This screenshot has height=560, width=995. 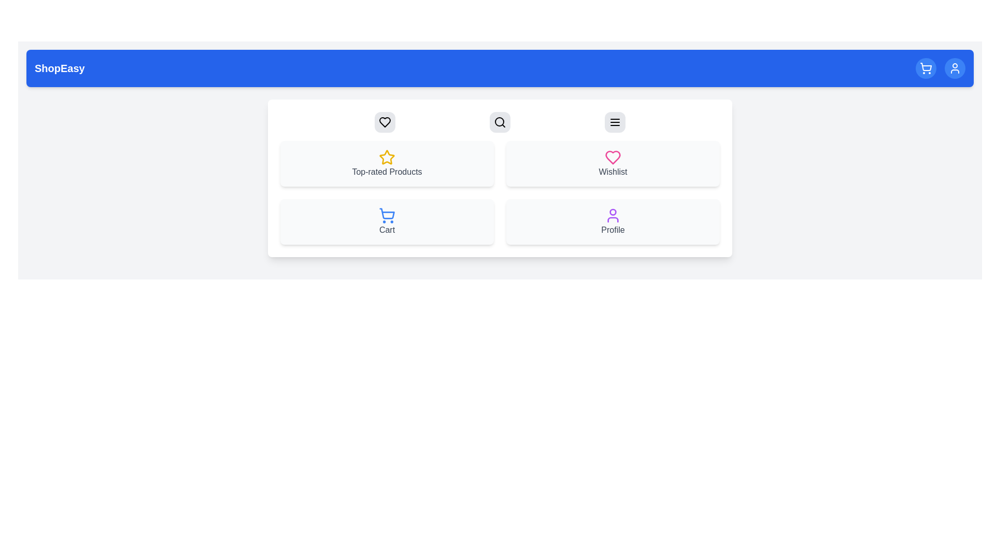 I want to click on the heart icon representing the 'Wishlist' functionality, which is the third button in the top row of the grid layout, to trigger a tooltip or highlight effect, so click(x=385, y=121).